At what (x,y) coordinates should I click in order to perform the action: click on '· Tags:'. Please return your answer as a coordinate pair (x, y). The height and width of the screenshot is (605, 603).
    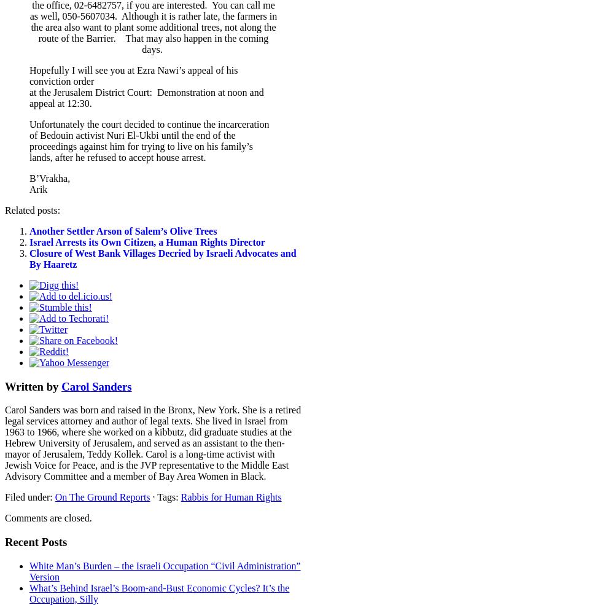
    Looking at the image, I should click on (165, 496).